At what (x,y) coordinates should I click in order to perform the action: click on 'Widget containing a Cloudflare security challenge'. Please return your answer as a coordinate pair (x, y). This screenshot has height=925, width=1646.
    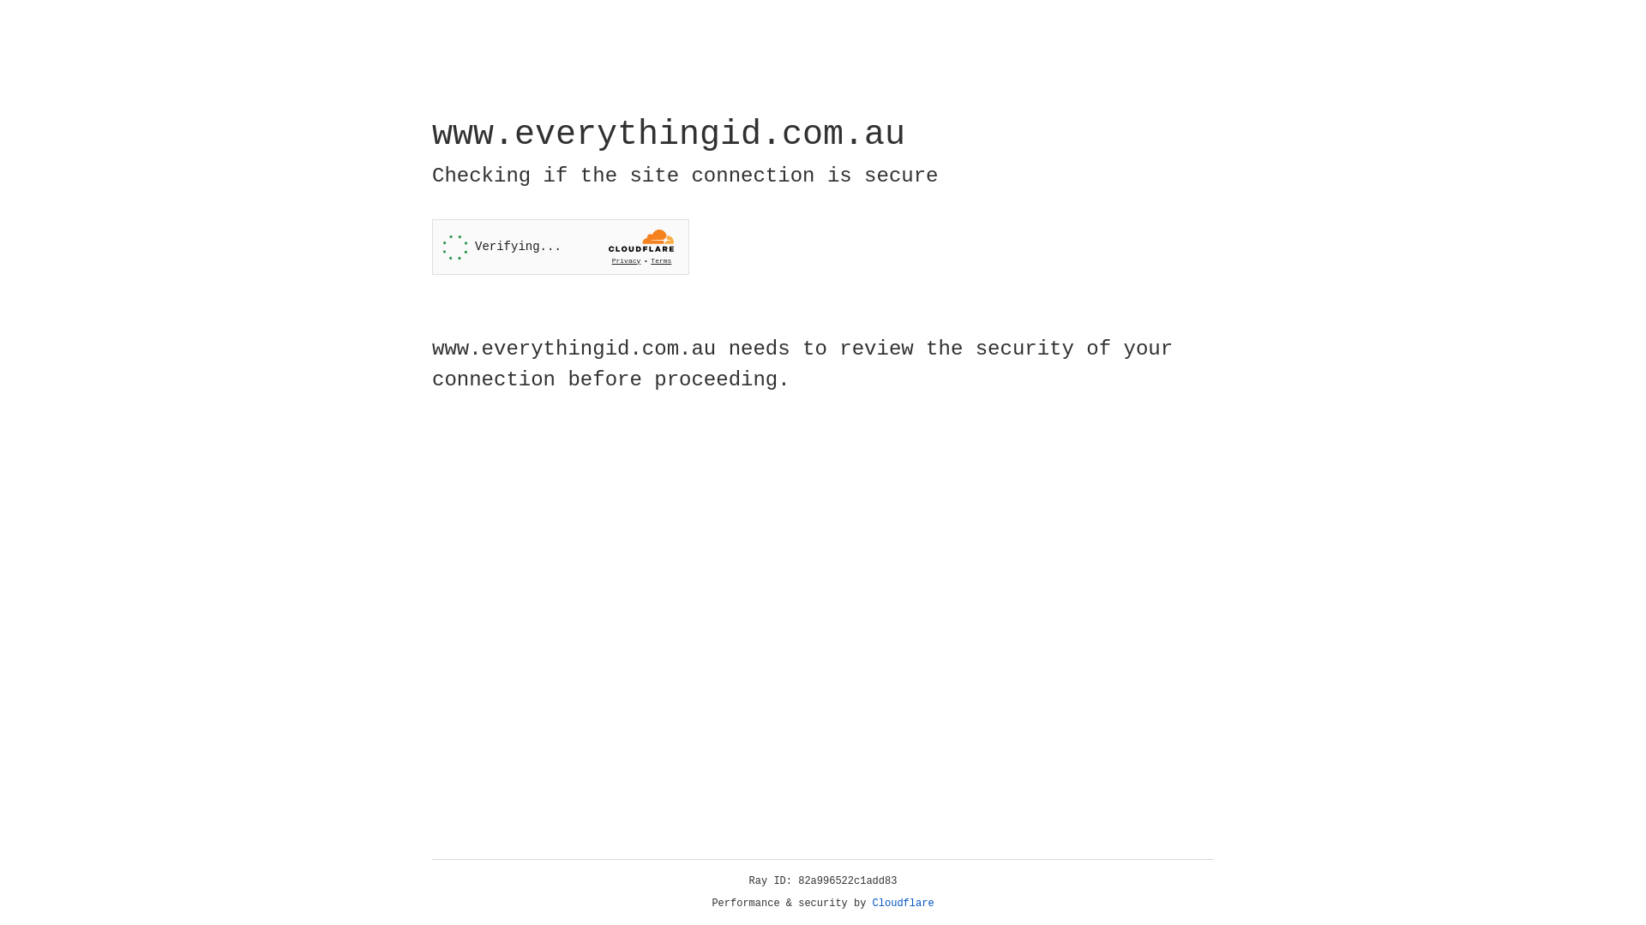
    Looking at the image, I should click on (560, 247).